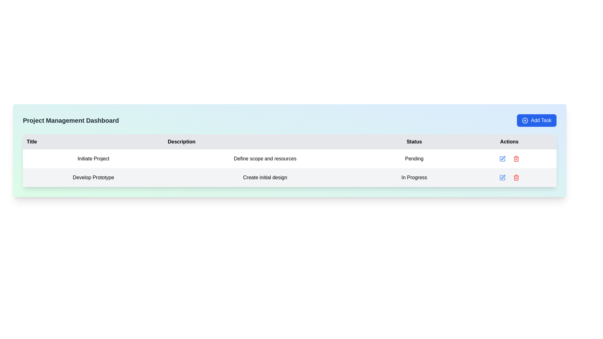  Describe the element at coordinates (516, 178) in the screenshot. I see `the delete icon button located in the 'Actions' column of the second row of the table` at that location.